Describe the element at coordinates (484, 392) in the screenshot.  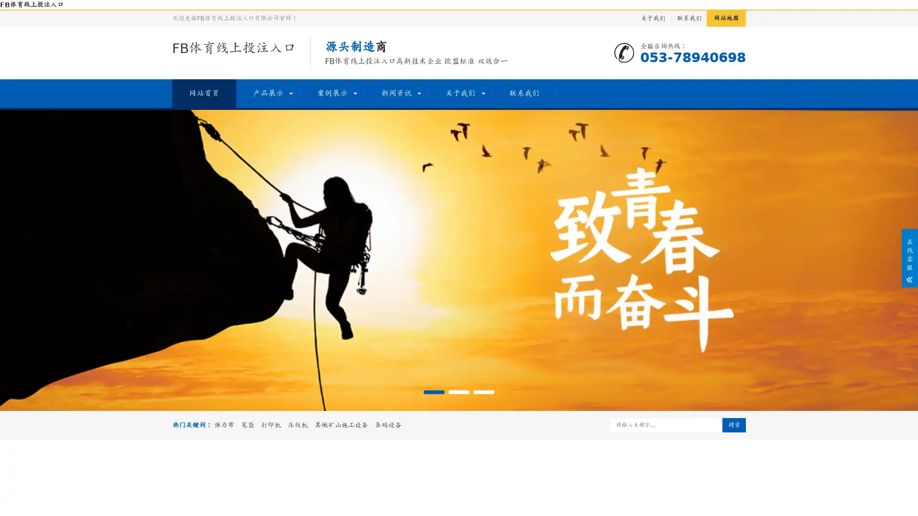
I see `Go to slide 3` at that location.